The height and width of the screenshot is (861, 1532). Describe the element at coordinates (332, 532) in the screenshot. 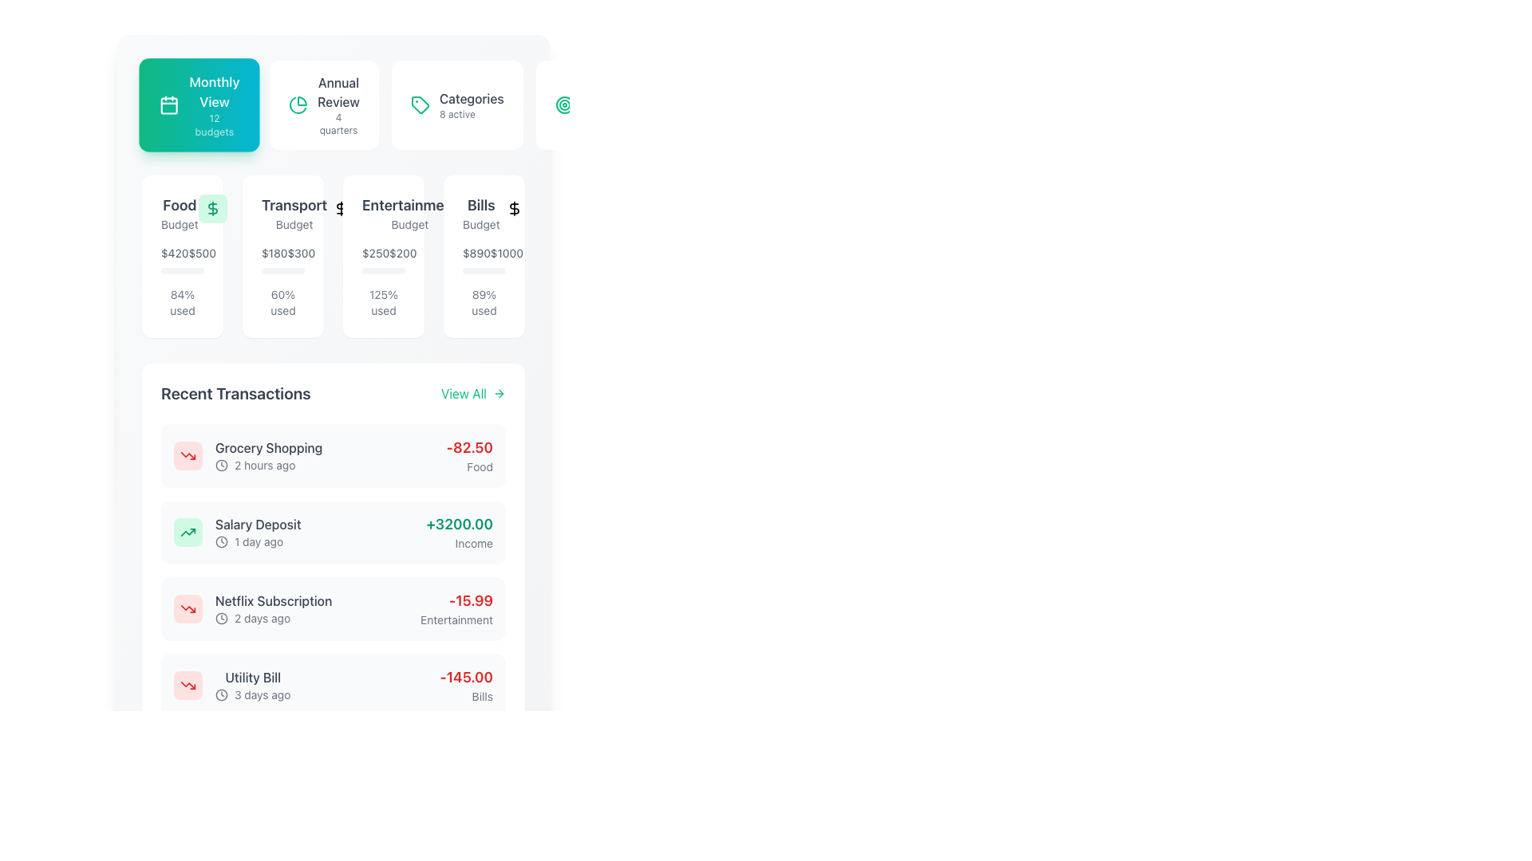

I see `the financial transaction entry labeled 'Salary Deposit' with the amount '+3200.00' in the 'Recent Transactions' section` at that location.